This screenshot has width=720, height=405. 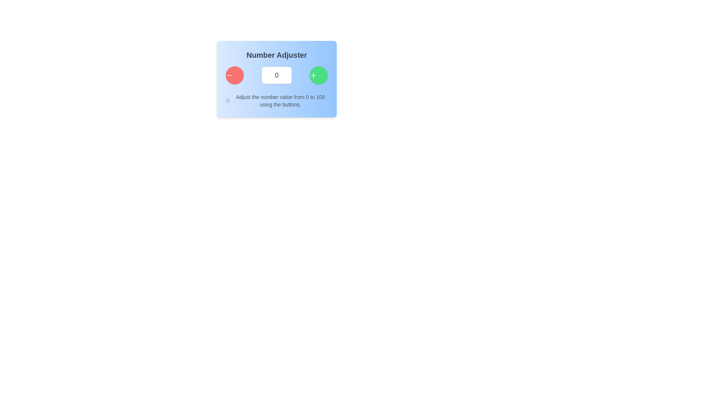 I want to click on the information icon located below the main controls of the number adjuster widget, adjacent to the descriptive text 'Adjust the number value from 0 to 100 using the buttons.', so click(x=227, y=100).